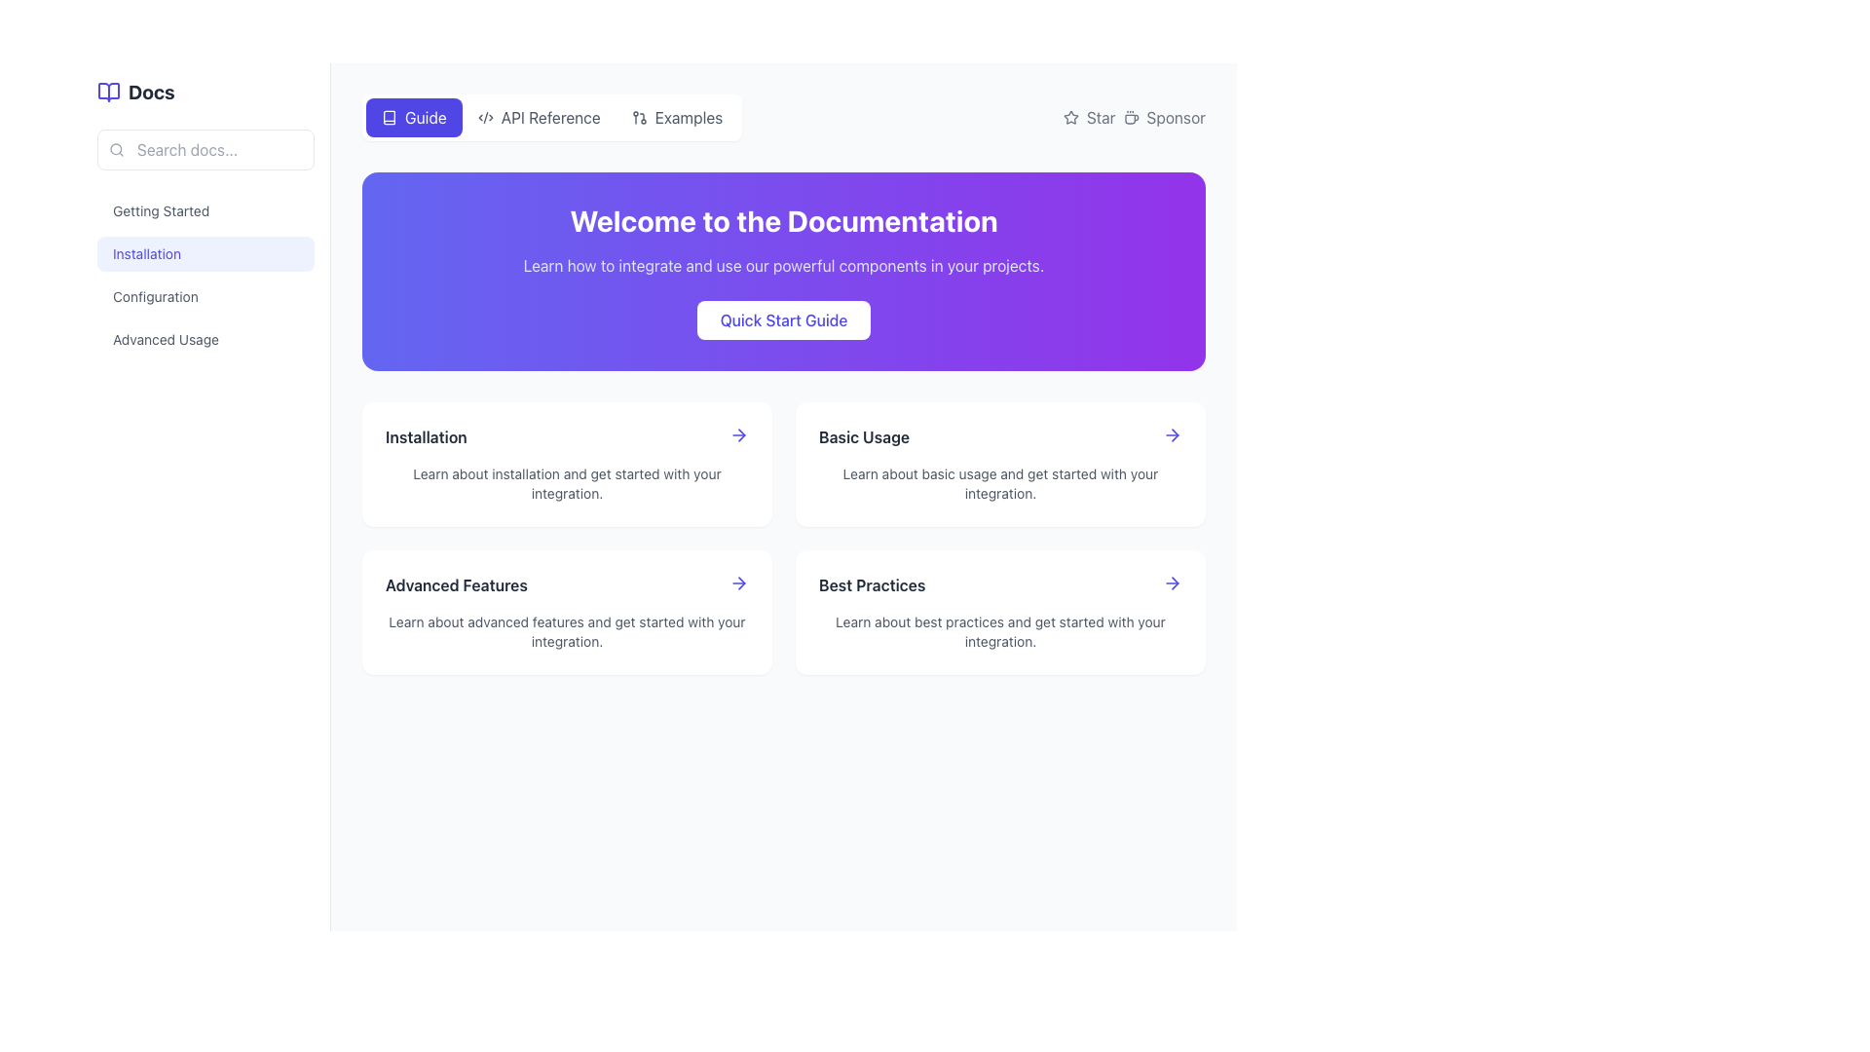  Describe the element at coordinates (737, 434) in the screenshot. I see `the navigational icon located to the right of the 'Installation' text in the 'Installation' card` at that location.